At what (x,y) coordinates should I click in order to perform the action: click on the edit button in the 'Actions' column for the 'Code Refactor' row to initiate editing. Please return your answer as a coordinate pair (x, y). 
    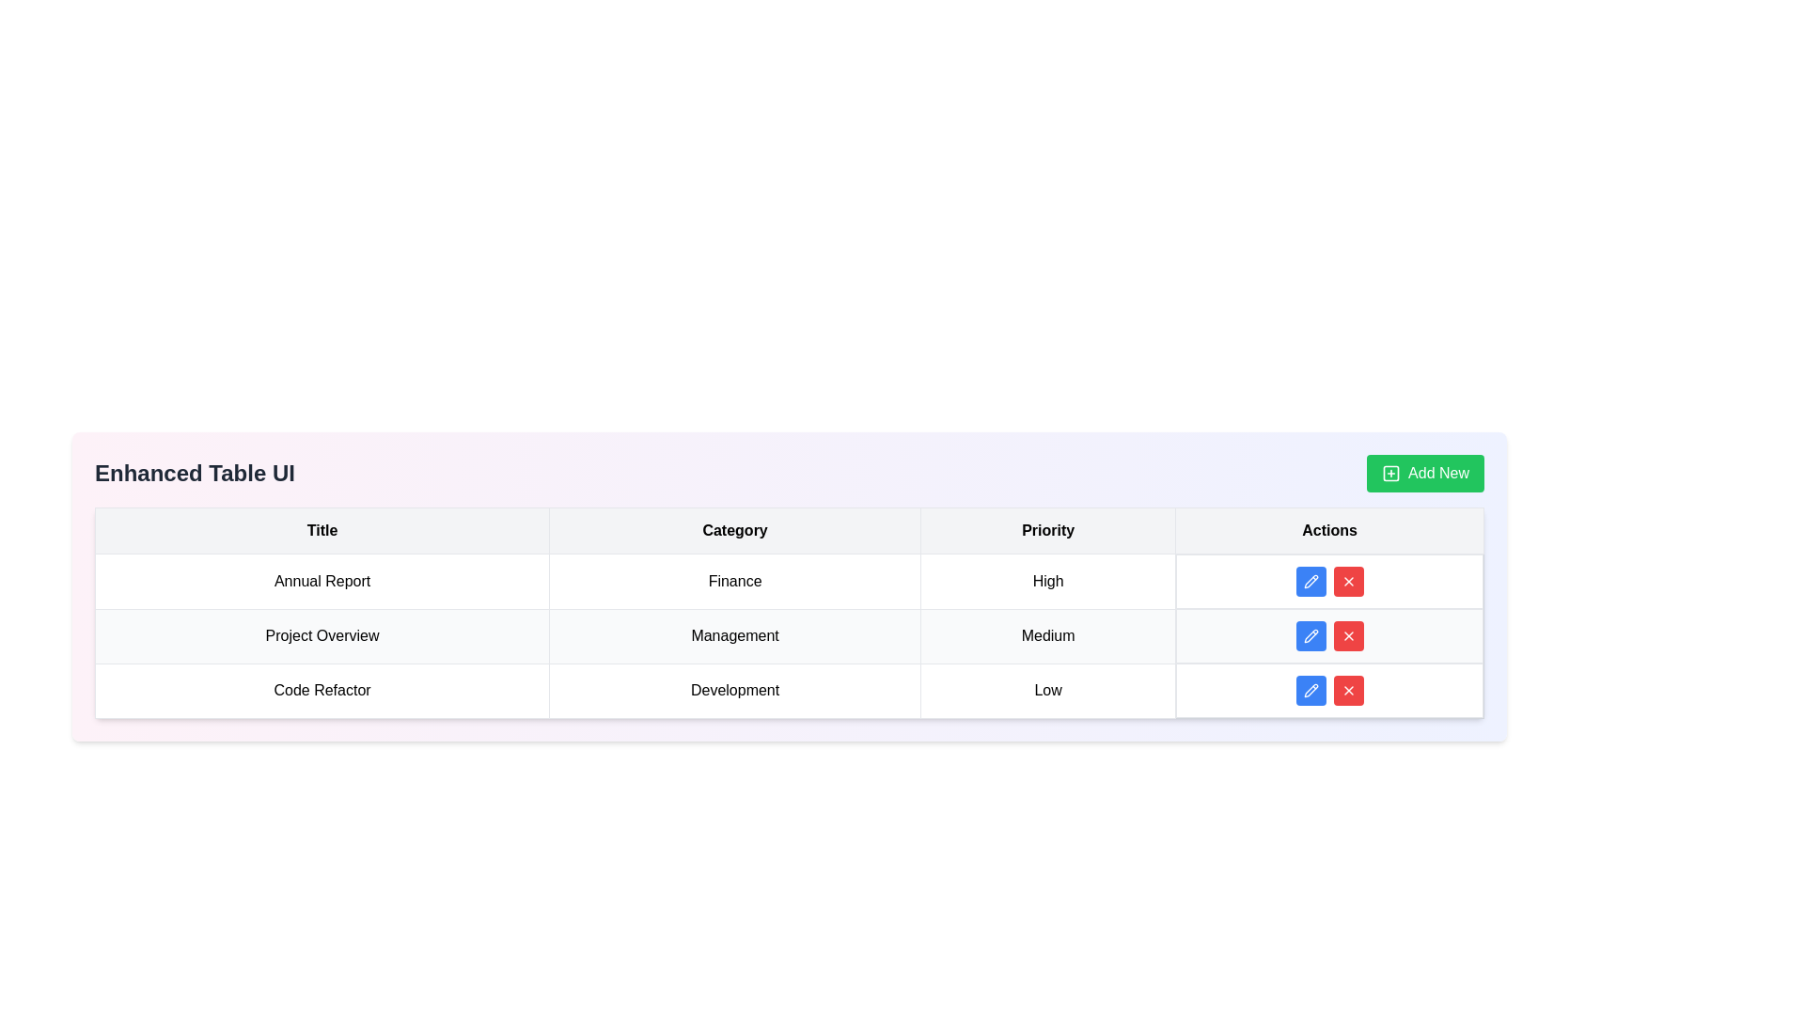
    Looking at the image, I should click on (1309, 691).